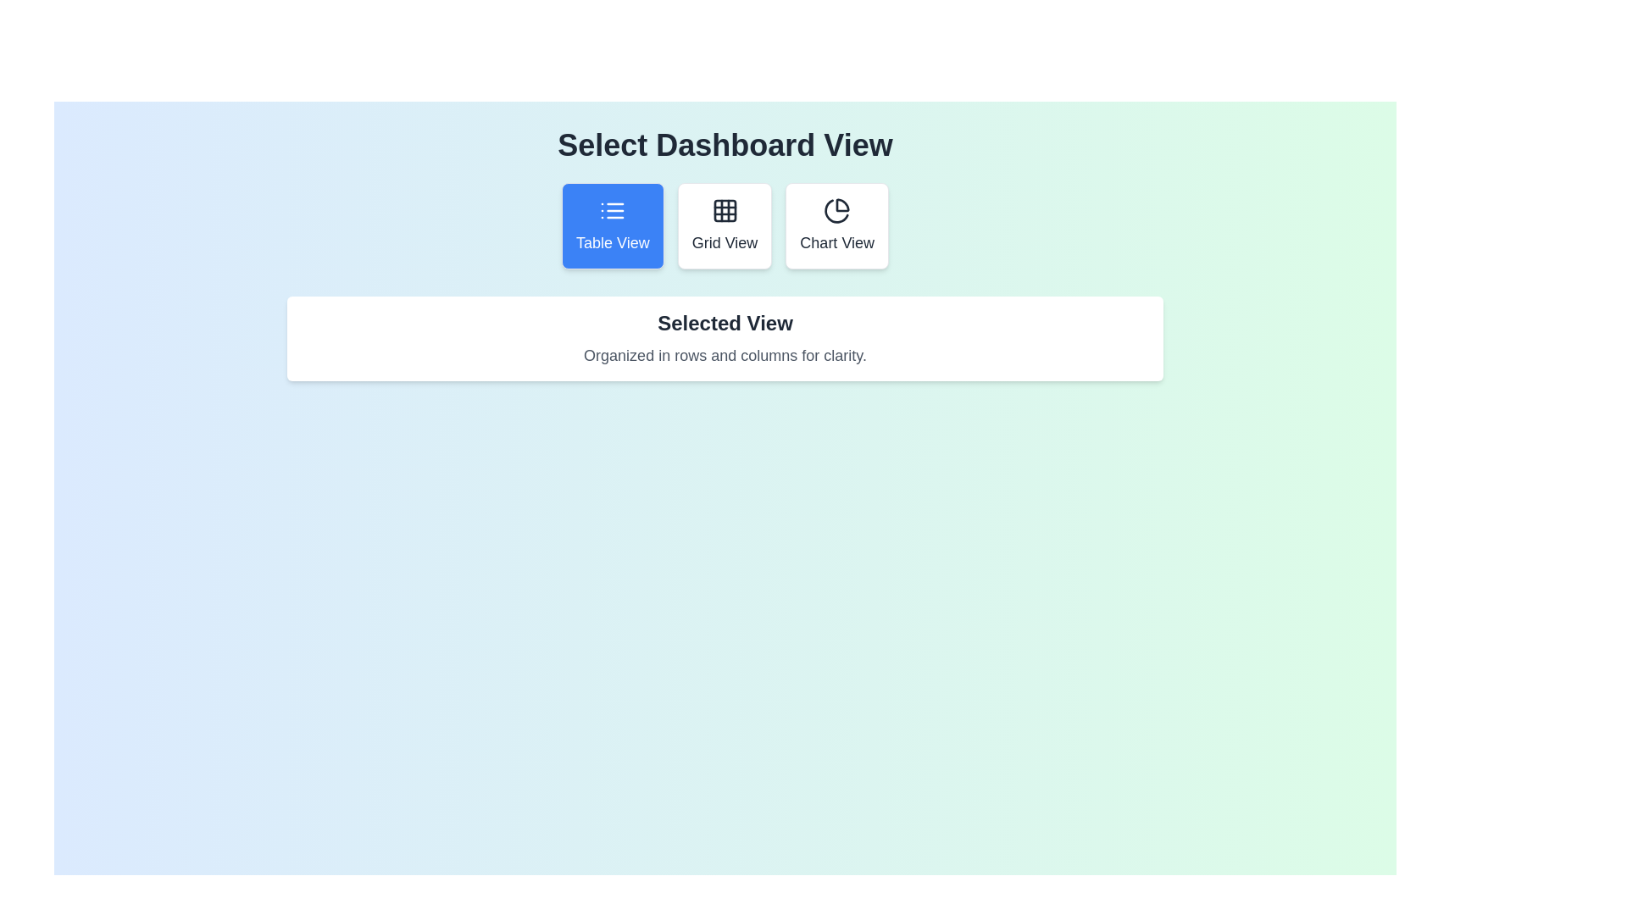 Image resolution: width=1627 pixels, height=915 pixels. What do you see at coordinates (837, 225) in the screenshot?
I see `the Chart View button to see its hover effect` at bounding box center [837, 225].